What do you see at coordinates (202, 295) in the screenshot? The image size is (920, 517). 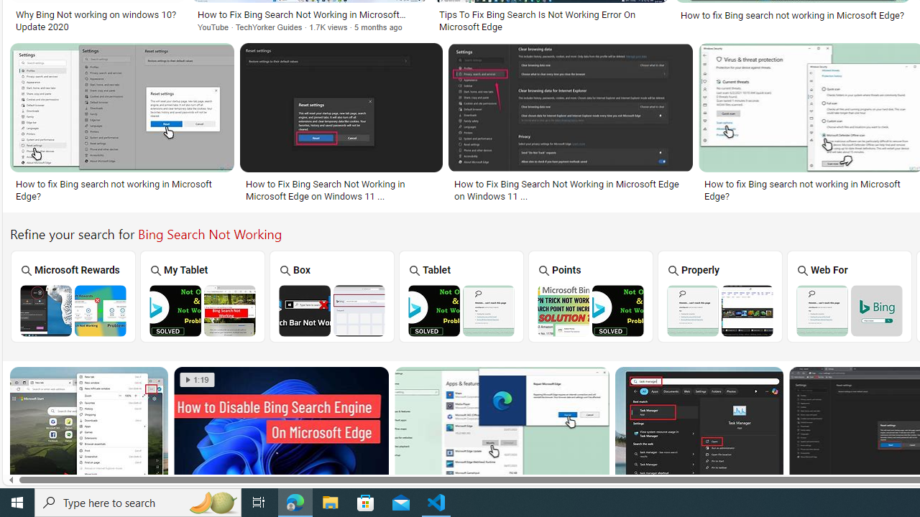 I see `'Bing Search Not Working On My Tablet My Tablet'` at bounding box center [202, 295].